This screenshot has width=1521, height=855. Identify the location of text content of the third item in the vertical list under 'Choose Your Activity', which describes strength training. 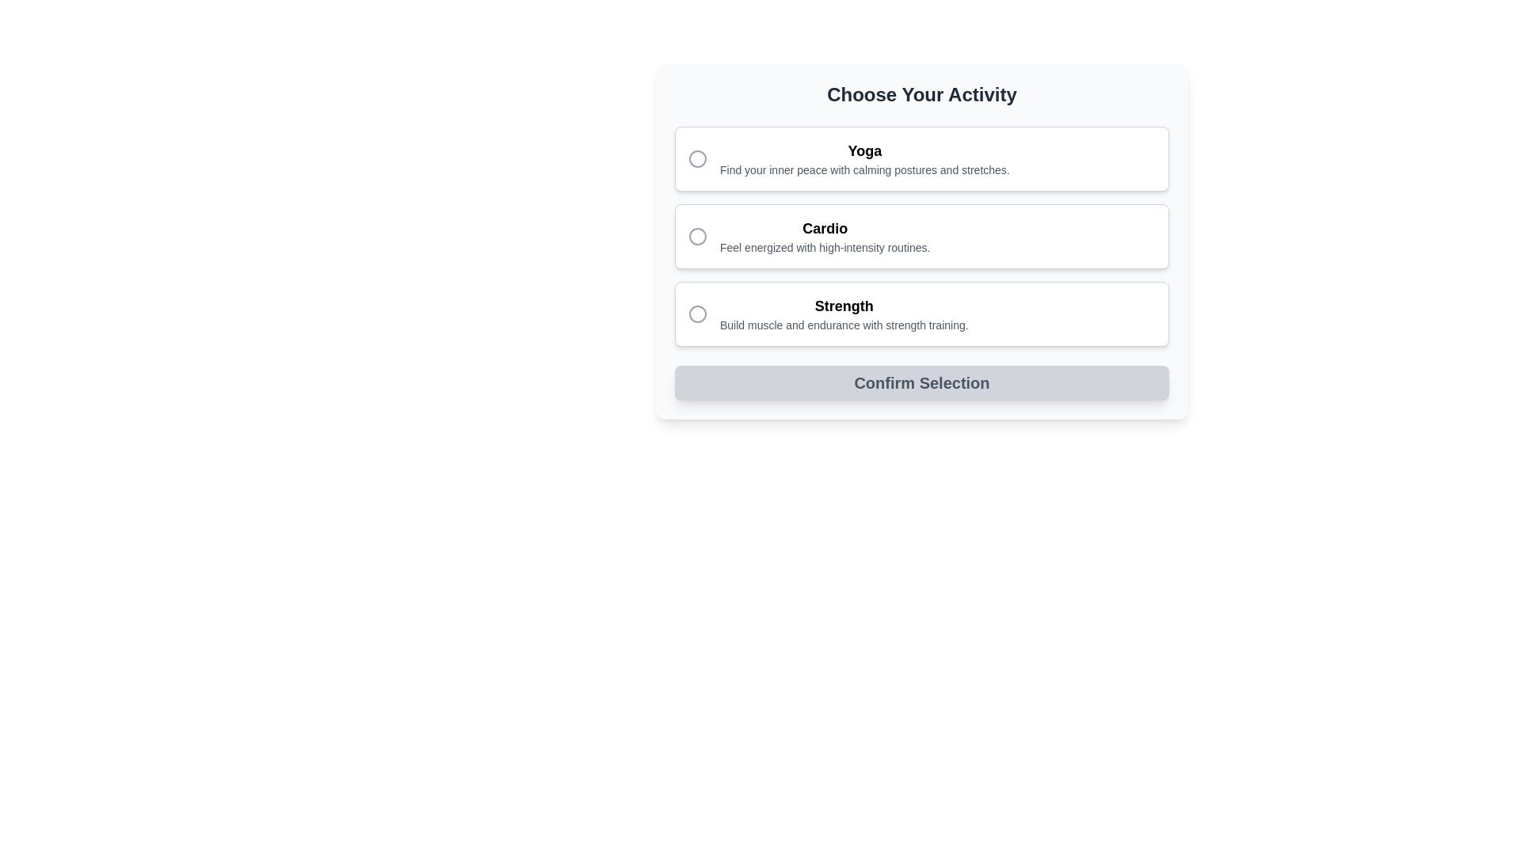
(843, 314).